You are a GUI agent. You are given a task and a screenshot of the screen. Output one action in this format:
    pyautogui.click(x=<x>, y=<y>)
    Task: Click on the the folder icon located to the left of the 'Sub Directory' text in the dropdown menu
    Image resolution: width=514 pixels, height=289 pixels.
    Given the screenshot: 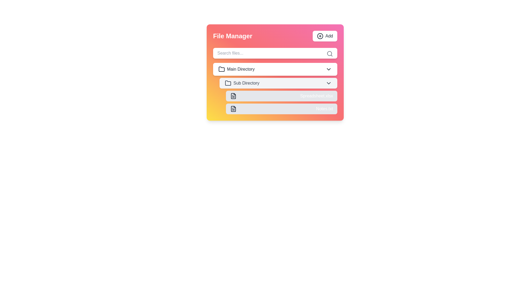 What is the action you would take?
    pyautogui.click(x=228, y=83)
    